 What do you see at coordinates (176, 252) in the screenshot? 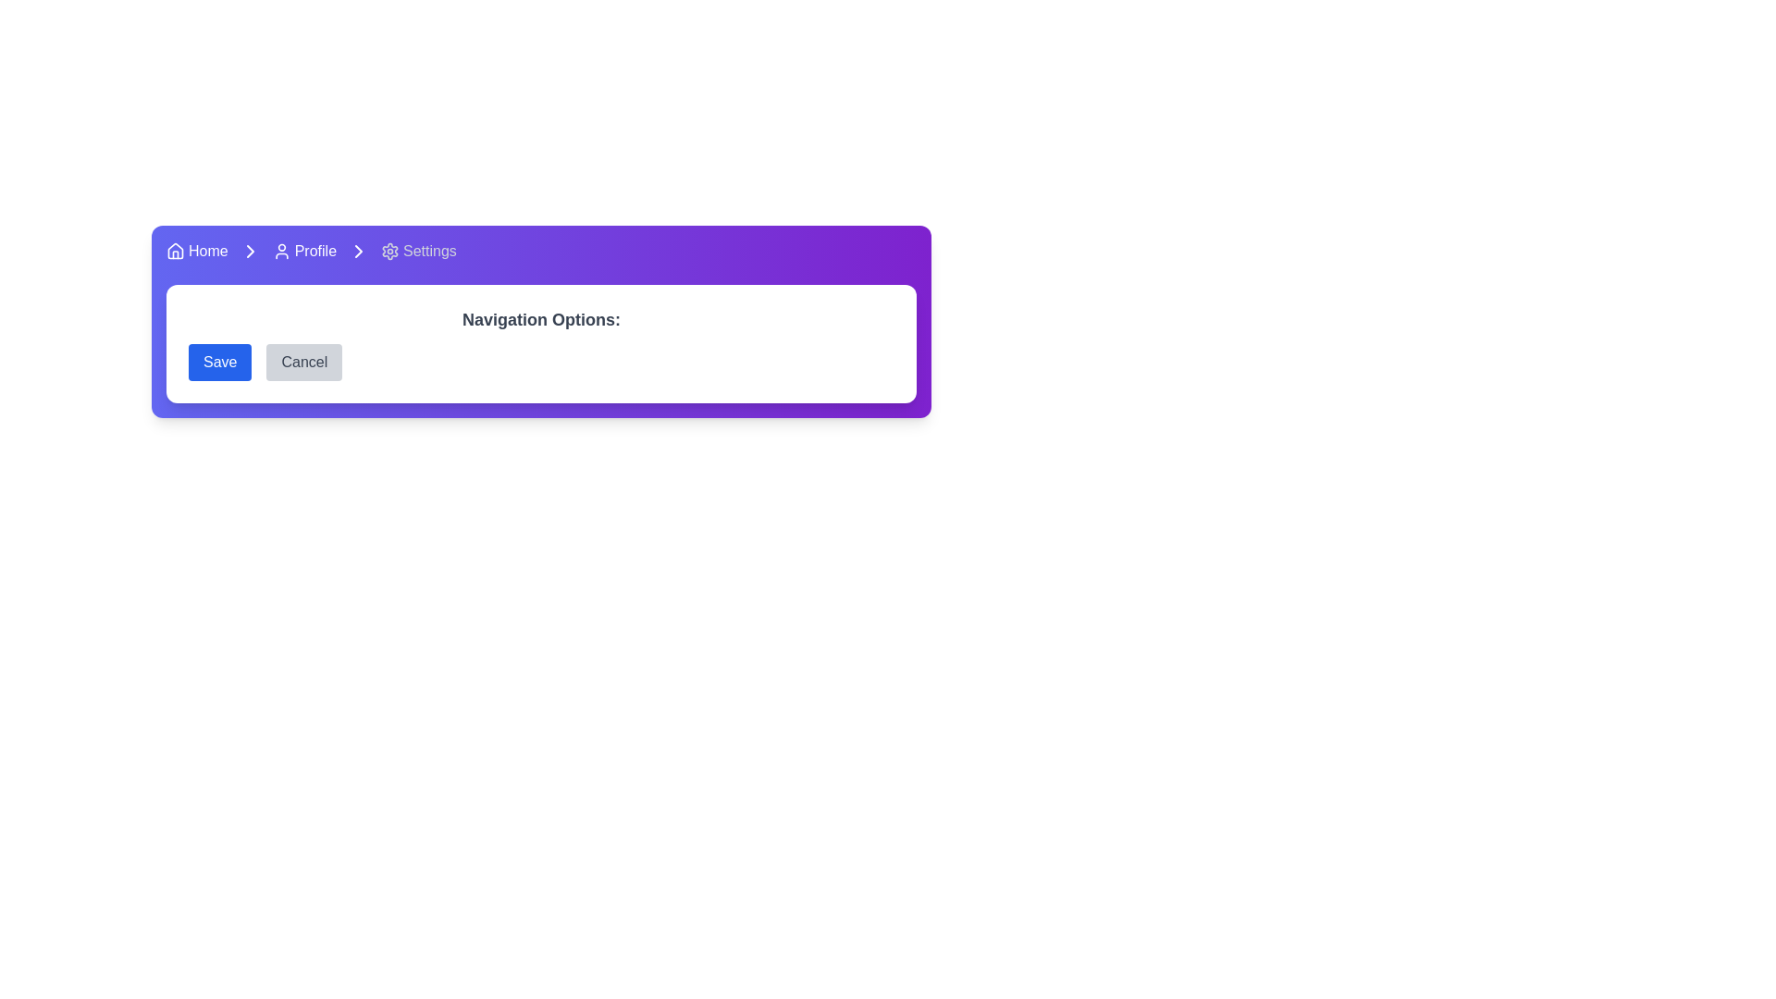
I see `the house icon in the navigation bar` at bounding box center [176, 252].